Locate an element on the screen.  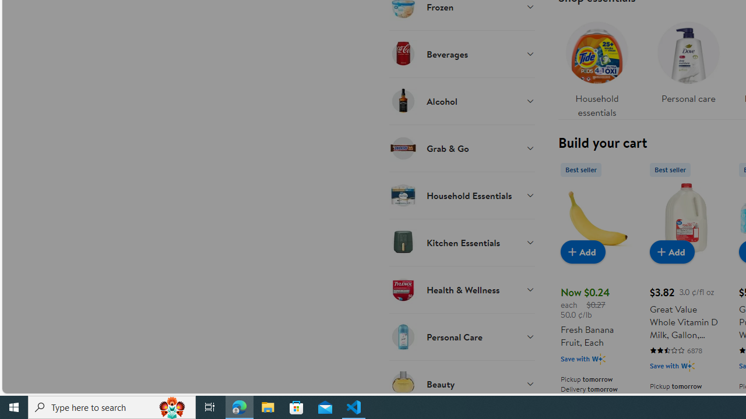
'Health & Wellness' is located at coordinates (461, 289).